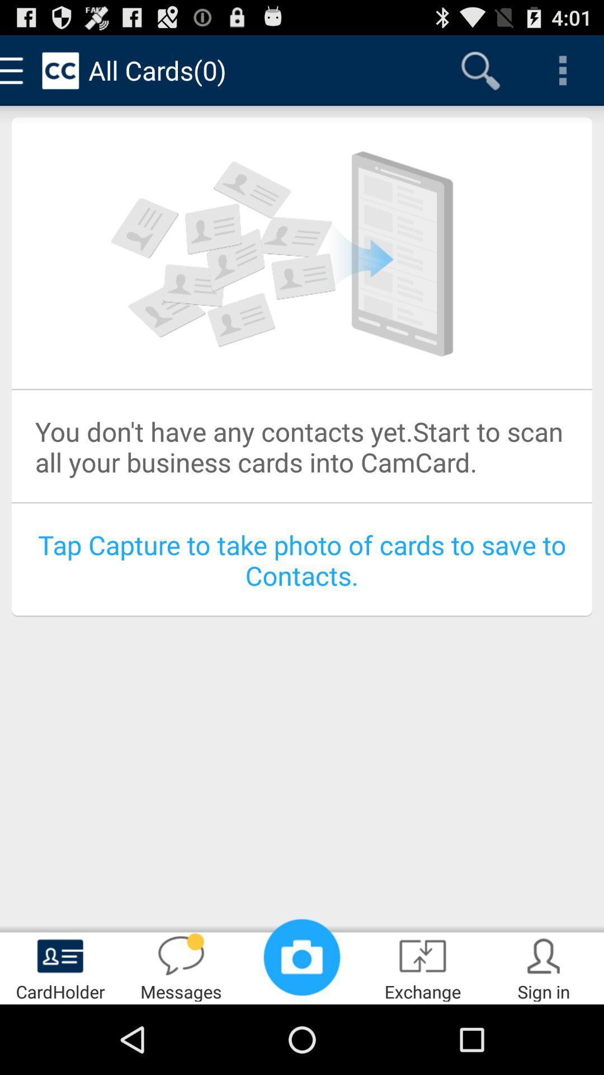 The height and width of the screenshot is (1075, 604). What do you see at coordinates (302, 956) in the screenshot?
I see `the icon to the left of the exchange icon` at bounding box center [302, 956].